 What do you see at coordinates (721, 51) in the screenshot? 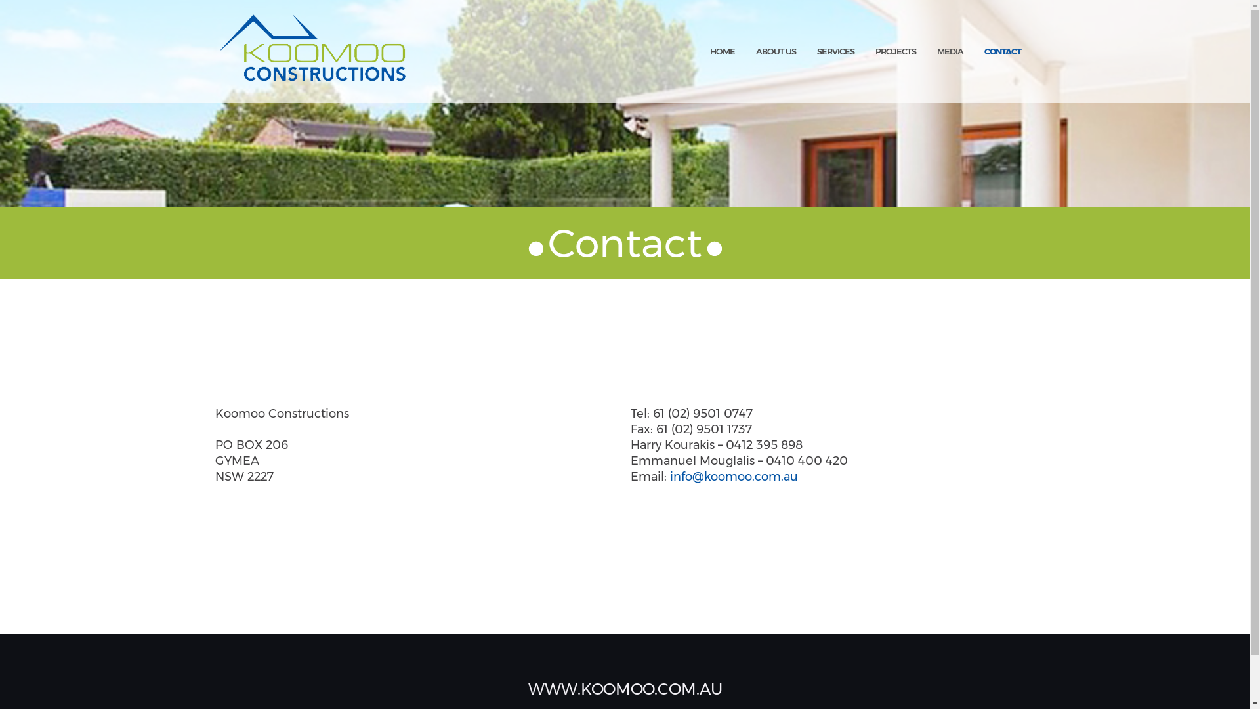
I see `'HOME'` at bounding box center [721, 51].